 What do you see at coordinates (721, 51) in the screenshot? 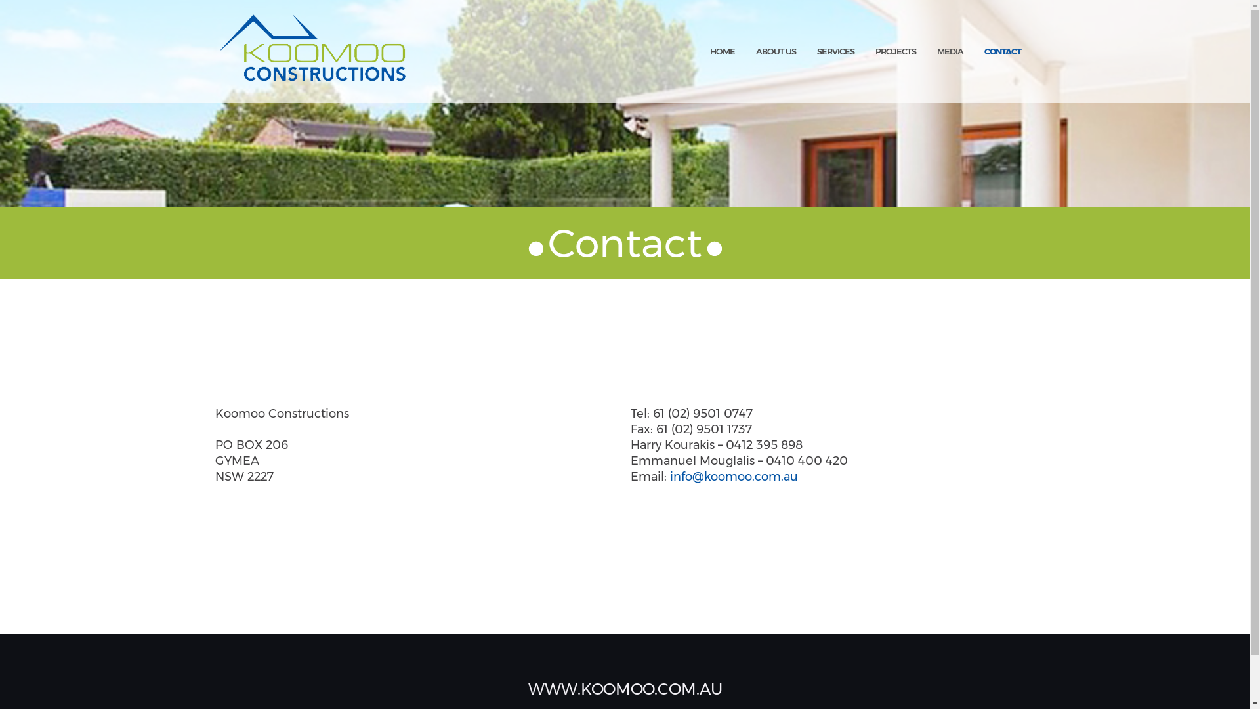
I see `'HOME'` at bounding box center [721, 51].